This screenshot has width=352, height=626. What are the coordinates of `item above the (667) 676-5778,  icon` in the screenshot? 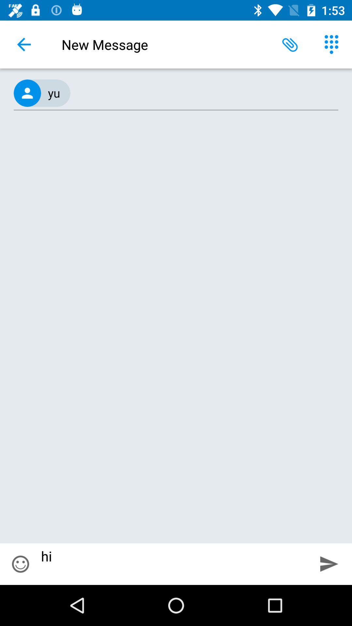 It's located at (331, 44).